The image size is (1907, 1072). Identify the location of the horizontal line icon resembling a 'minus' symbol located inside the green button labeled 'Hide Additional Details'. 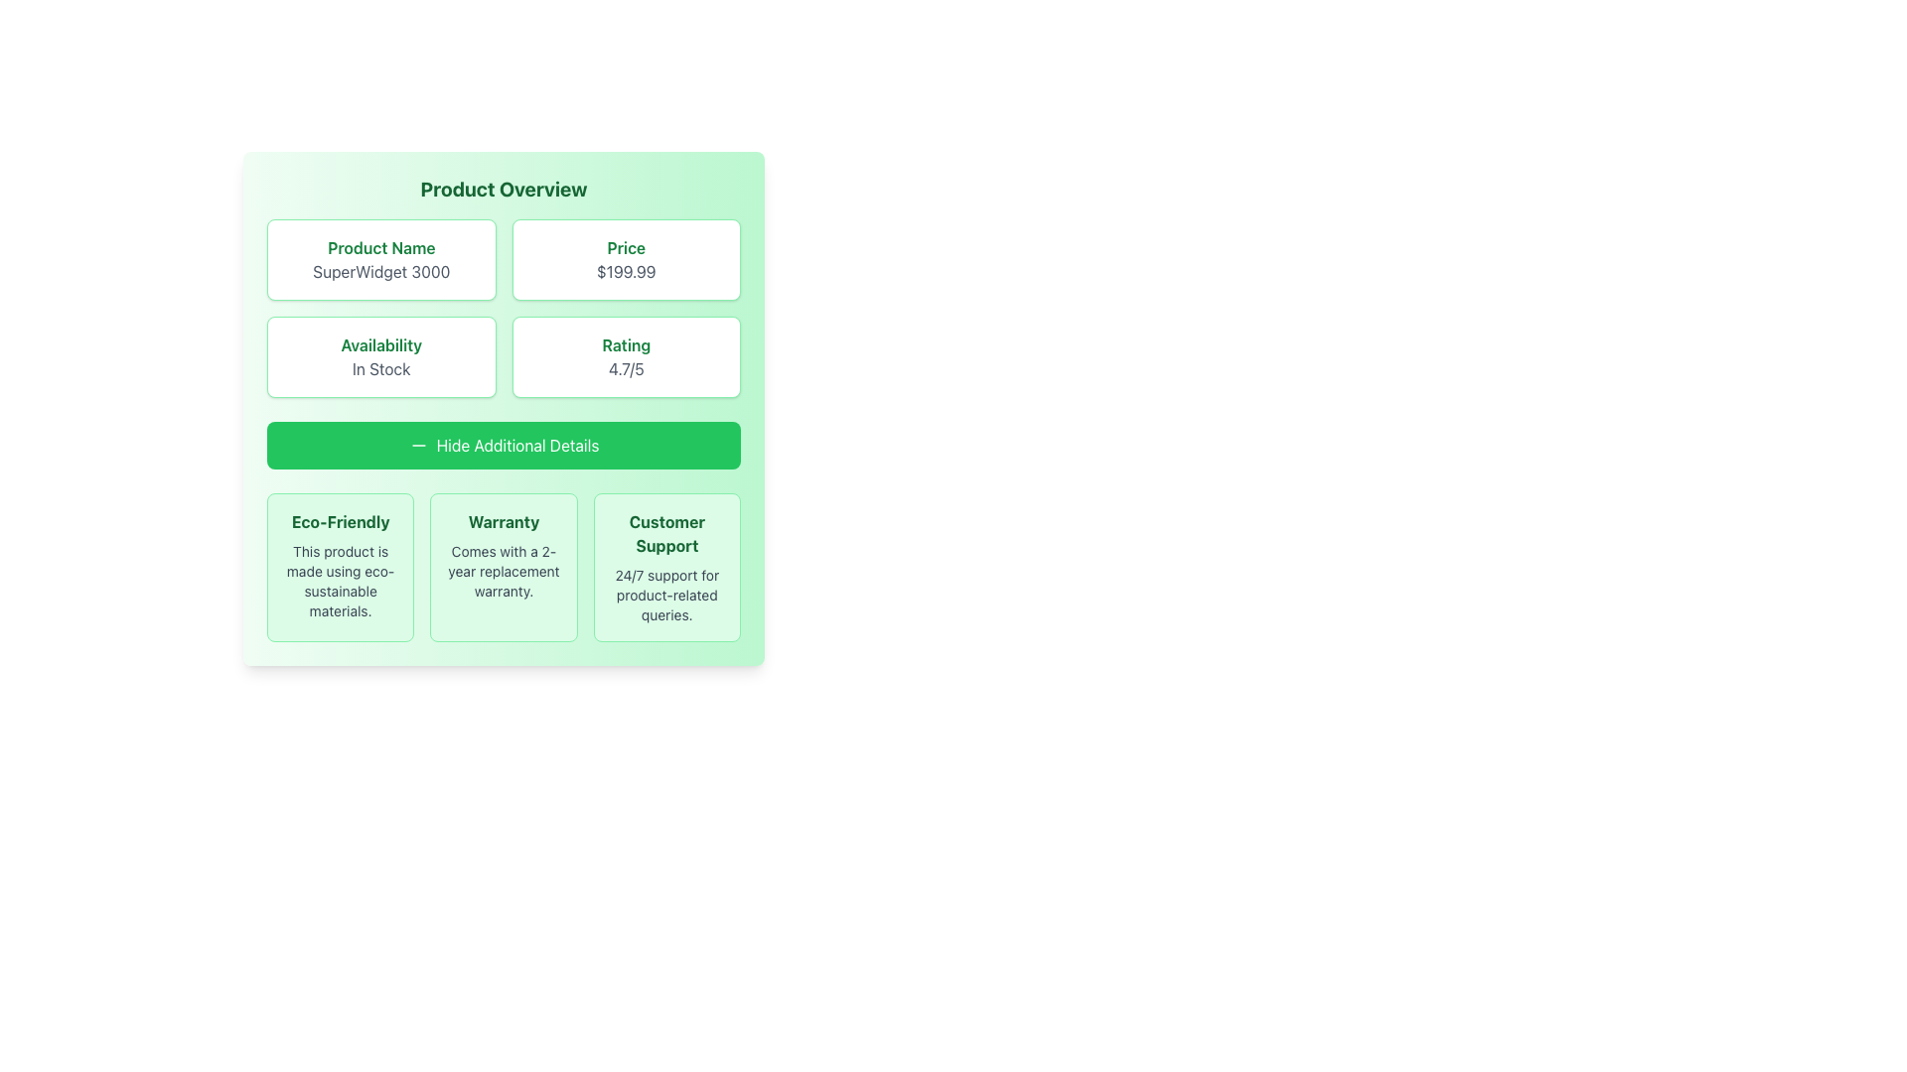
(417, 444).